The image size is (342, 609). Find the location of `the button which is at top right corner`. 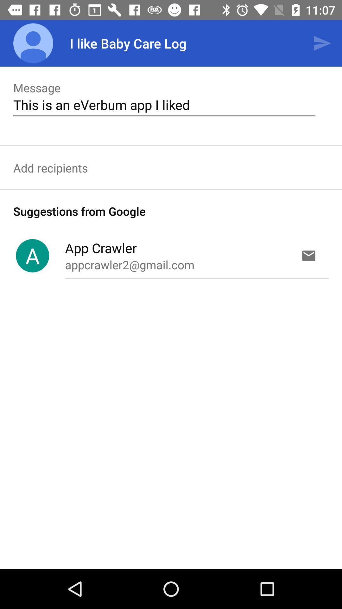

the button which is at top right corner is located at coordinates (322, 43).